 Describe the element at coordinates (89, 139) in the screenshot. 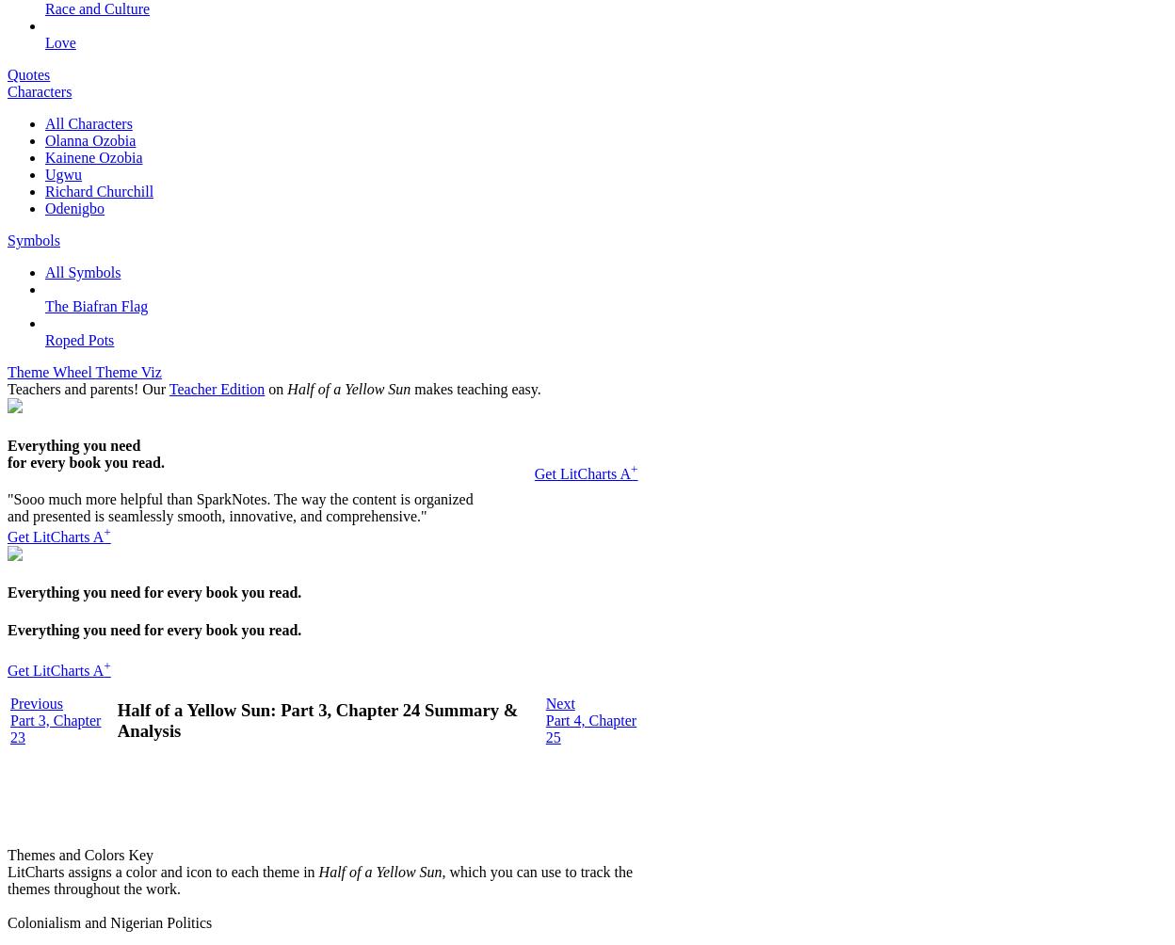

I see `'Olanna Ozobia'` at that location.